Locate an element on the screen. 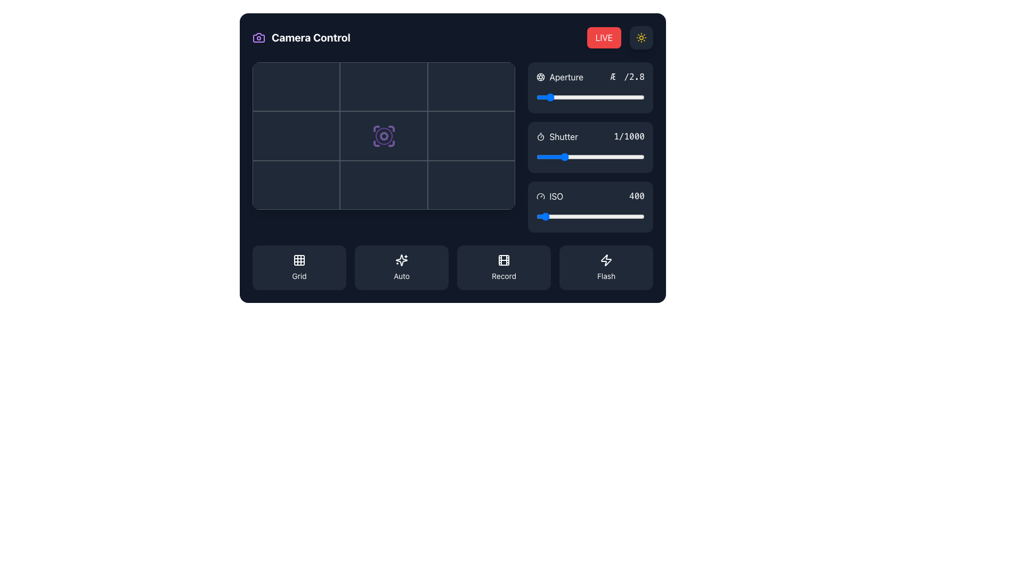  the first grid cell located in the top-left corner of the 3x3 grid layout is located at coordinates (296, 86).